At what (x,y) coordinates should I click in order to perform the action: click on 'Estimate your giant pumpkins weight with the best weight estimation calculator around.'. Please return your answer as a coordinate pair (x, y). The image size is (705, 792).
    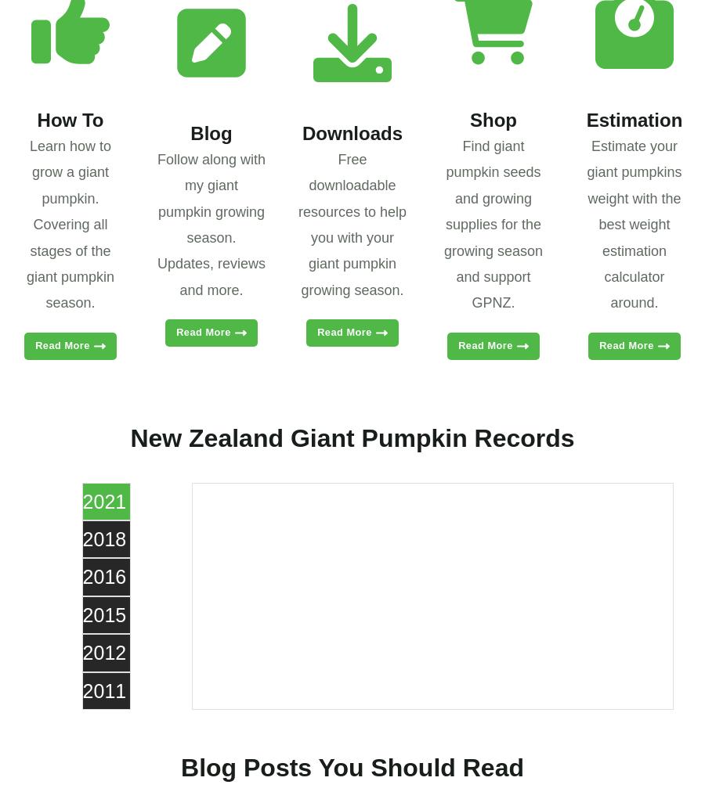
    Looking at the image, I should click on (634, 223).